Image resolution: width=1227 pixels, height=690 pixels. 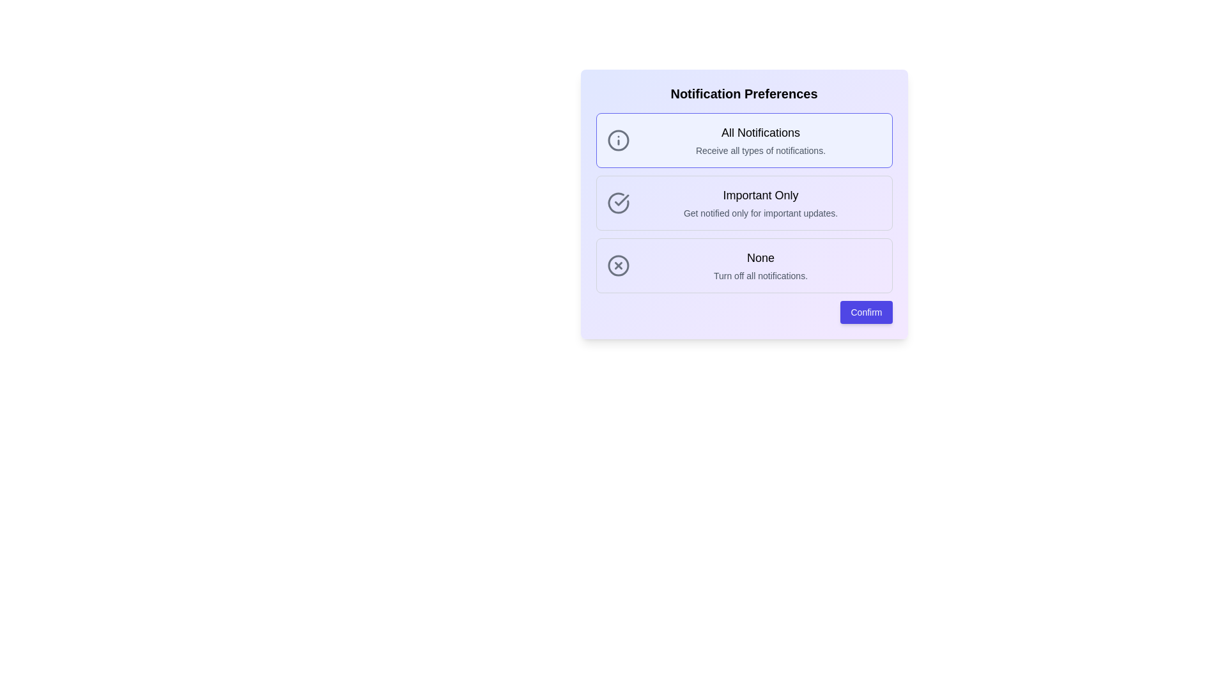 I want to click on the informational icon associated with the 'All Notifications' option located in the notification options dialog, so click(x=618, y=140).